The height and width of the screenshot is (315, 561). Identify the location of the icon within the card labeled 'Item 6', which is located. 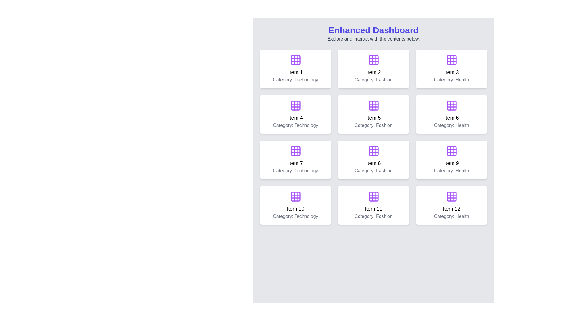
(451, 106).